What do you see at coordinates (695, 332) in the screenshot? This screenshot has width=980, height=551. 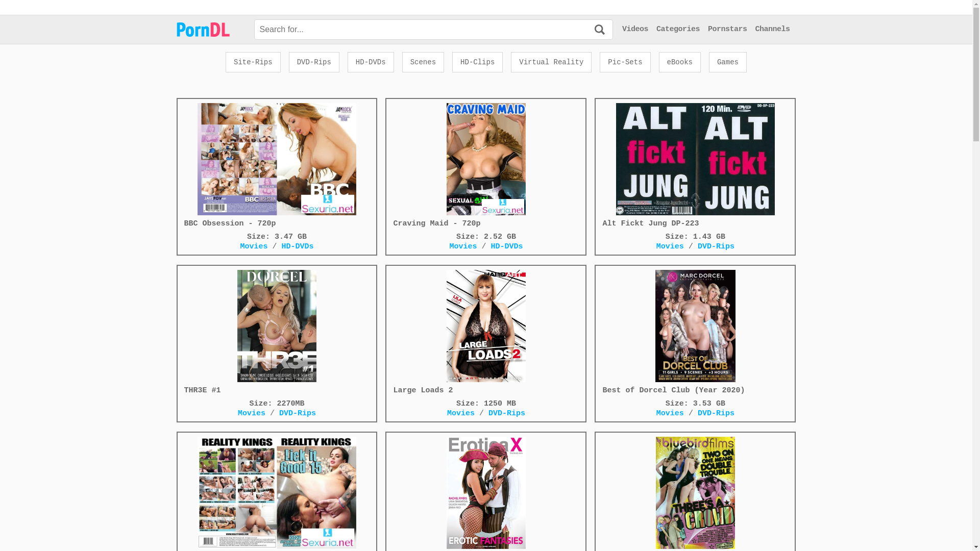 I see `'Best of Dorcel Club (Year 2020)'` at bounding box center [695, 332].